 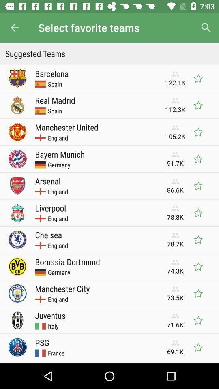 What do you see at coordinates (15, 28) in the screenshot?
I see `the icon to the left of select favorite teams icon` at bounding box center [15, 28].